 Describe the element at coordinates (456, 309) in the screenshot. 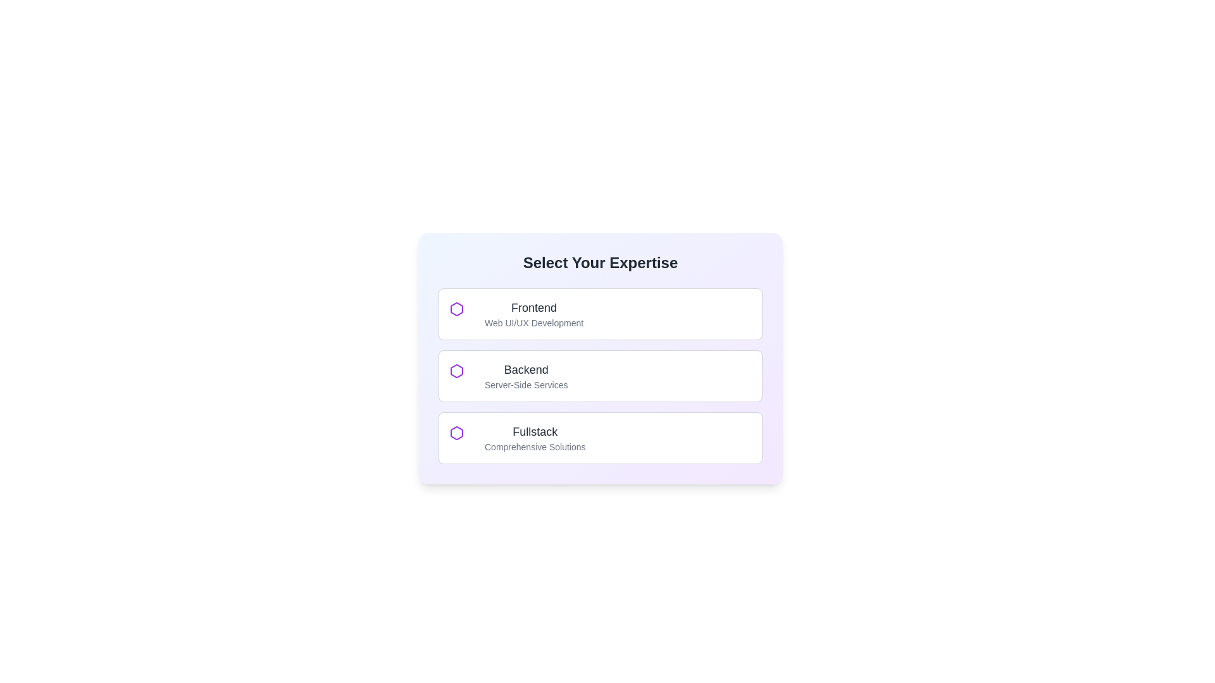

I see `the 'Frontend' icon, which is located to the left of the text 'Frontend' in the vertical list of options` at that location.